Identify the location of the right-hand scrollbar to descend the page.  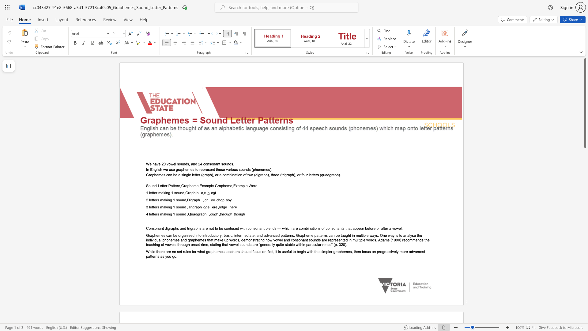
(585, 303).